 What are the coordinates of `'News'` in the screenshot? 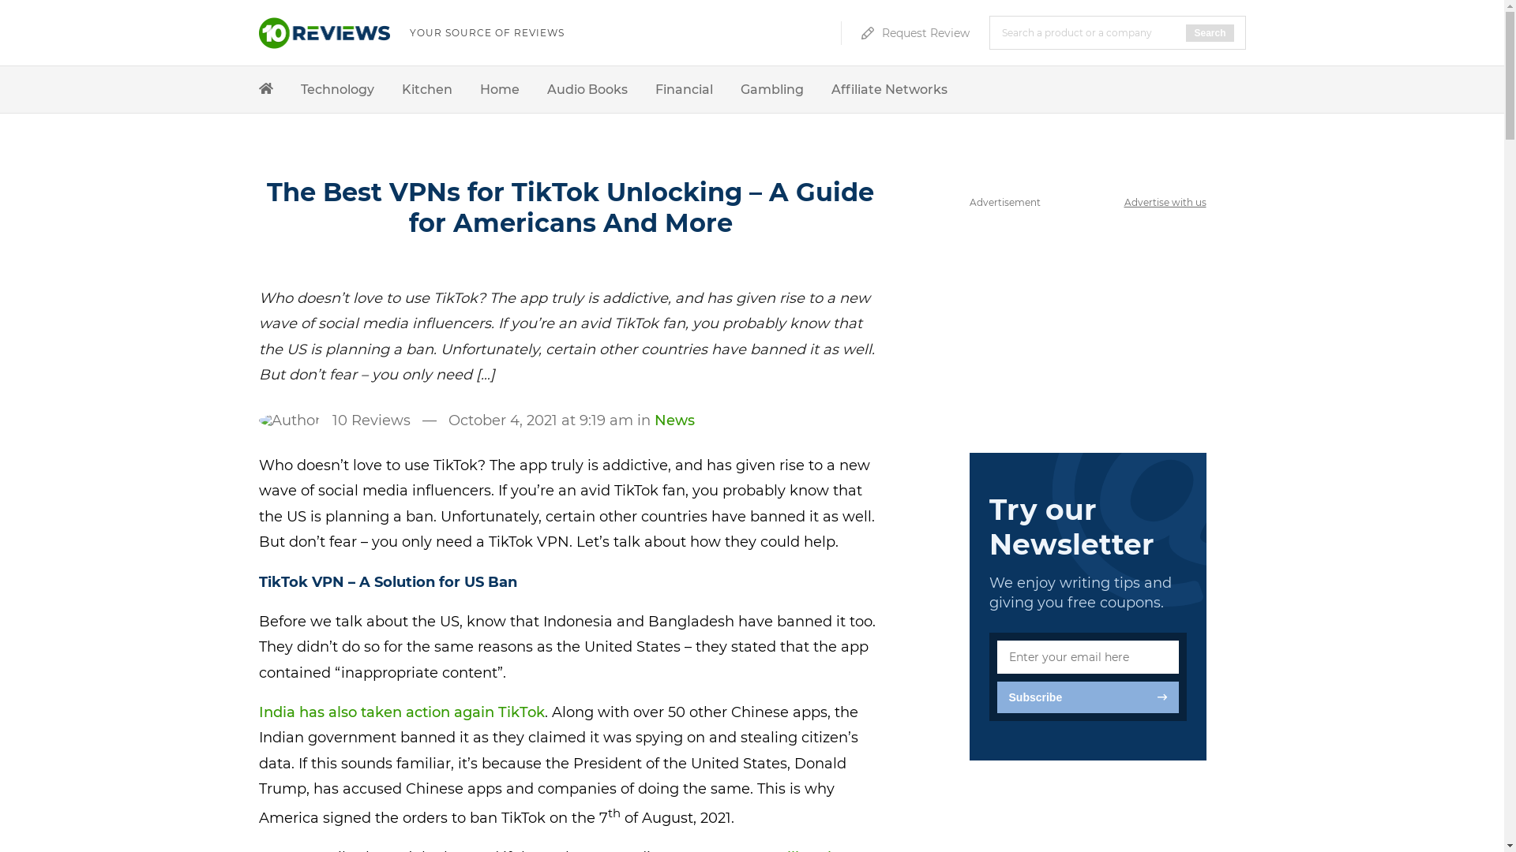 It's located at (674, 419).